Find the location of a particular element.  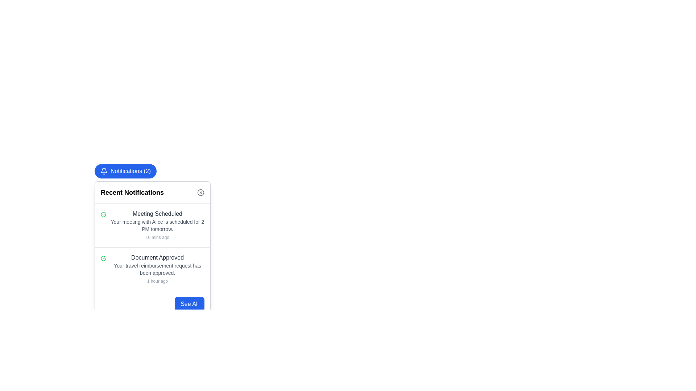

the notifications button located at the bottom-right corner of the notification card interface is located at coordinates (190, 304).